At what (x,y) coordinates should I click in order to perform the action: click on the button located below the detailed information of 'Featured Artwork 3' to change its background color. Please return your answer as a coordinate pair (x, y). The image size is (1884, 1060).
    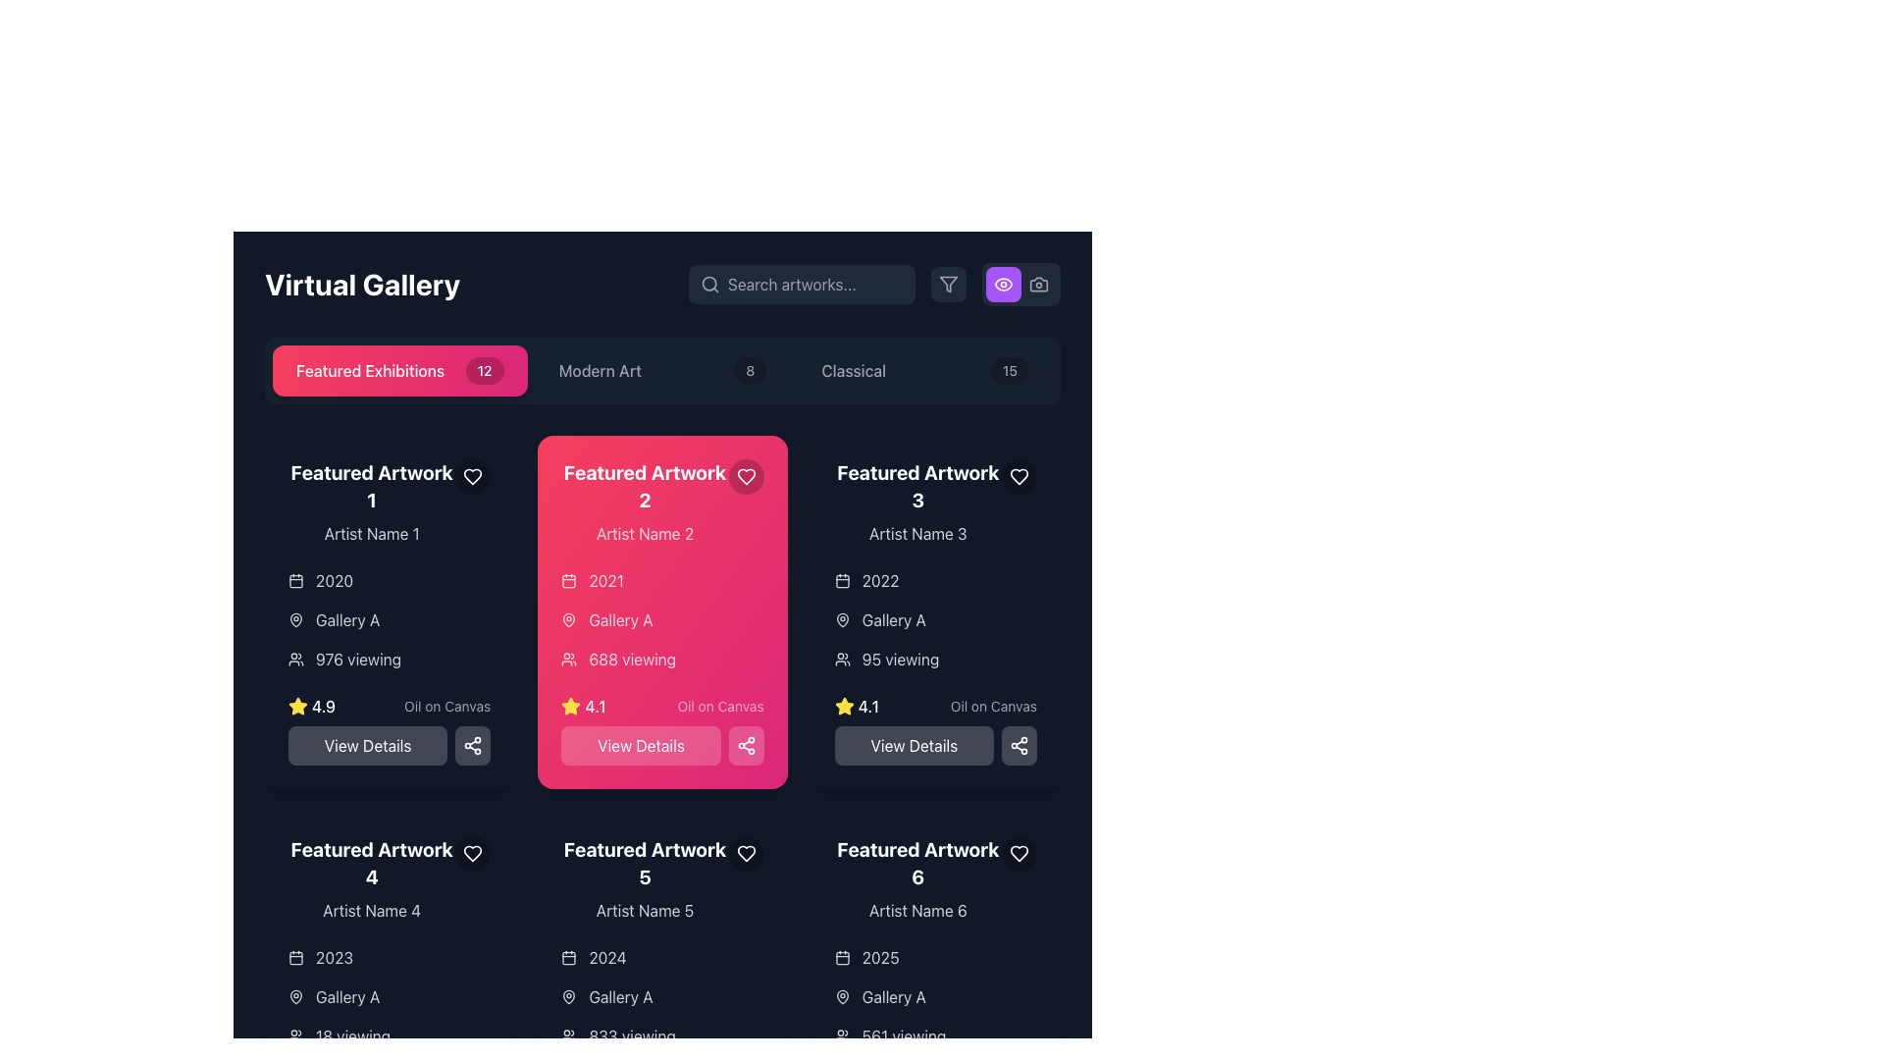
    Looking at the image, I should click on (913, 745).